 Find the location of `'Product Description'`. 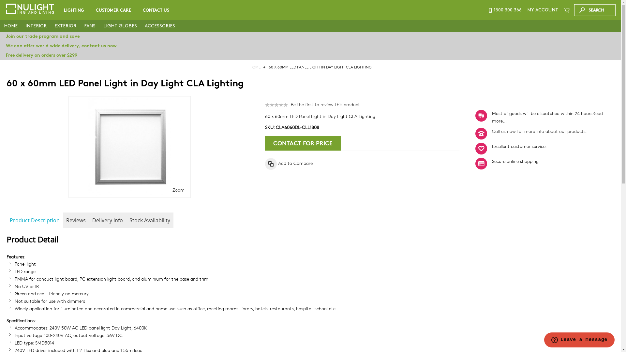

'Product Description' is located at coordinates (34, 220).